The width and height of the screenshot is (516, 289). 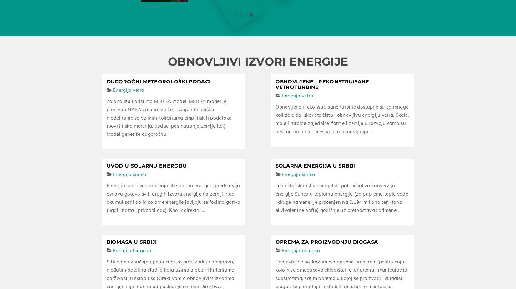 I want to click on 'Obnovljene i rekonstruisane turbine dostupne su za mnoge koji žele da iskoriste čistu i obnovljivu energiju vetra. Škole, male i ruralne zajednice, farme i zemlje u razvoju samo su neki od onih koji učestvuju u obnavljanju...', so click(x=342, y=118).